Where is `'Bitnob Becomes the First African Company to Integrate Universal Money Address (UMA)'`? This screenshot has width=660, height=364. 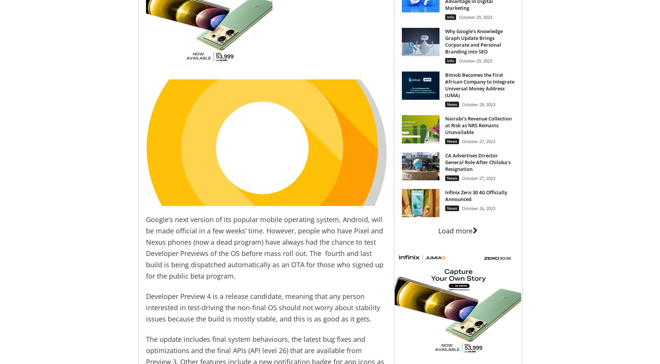 'Bitnob Becomes the First African Company to Integrate Universal Money Address (UMA)' is located at coordinates (479, 85).